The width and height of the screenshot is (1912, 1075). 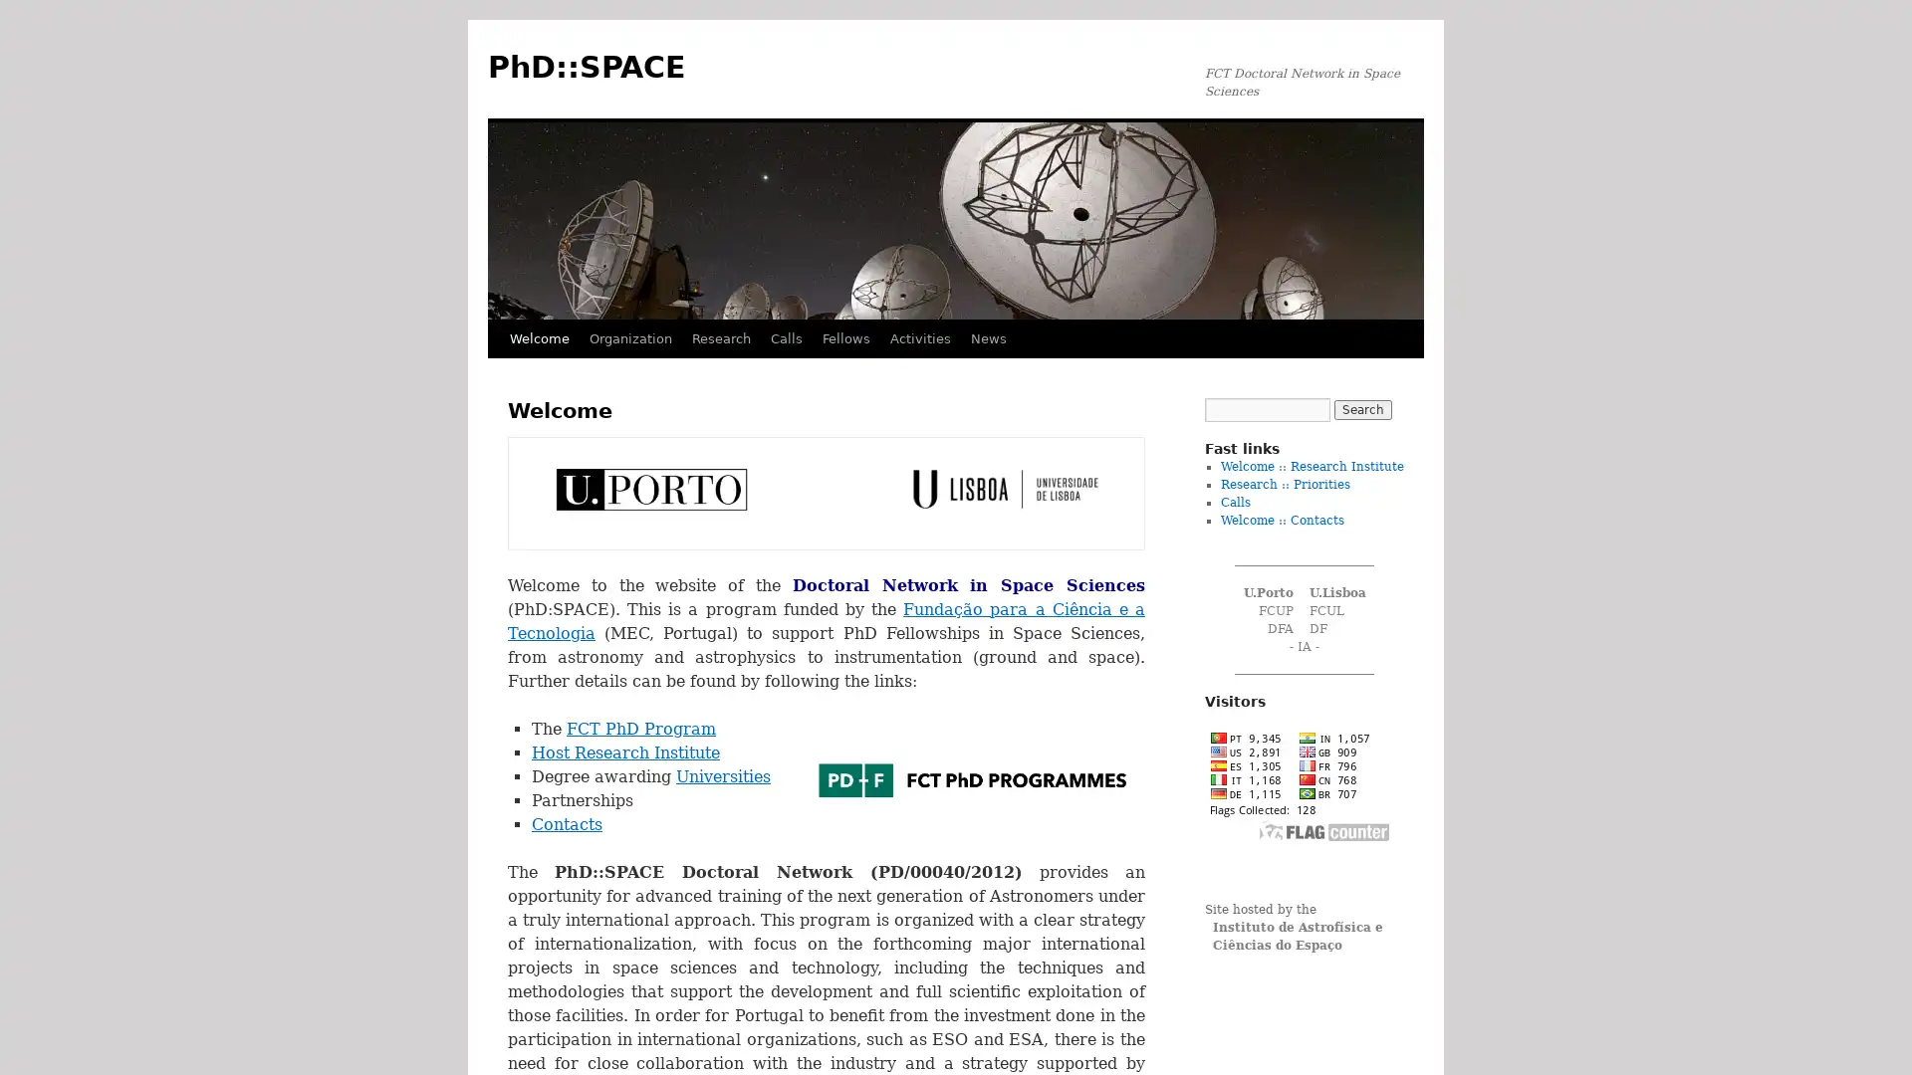 I want to click on Search, so click(x=1361, y=409).